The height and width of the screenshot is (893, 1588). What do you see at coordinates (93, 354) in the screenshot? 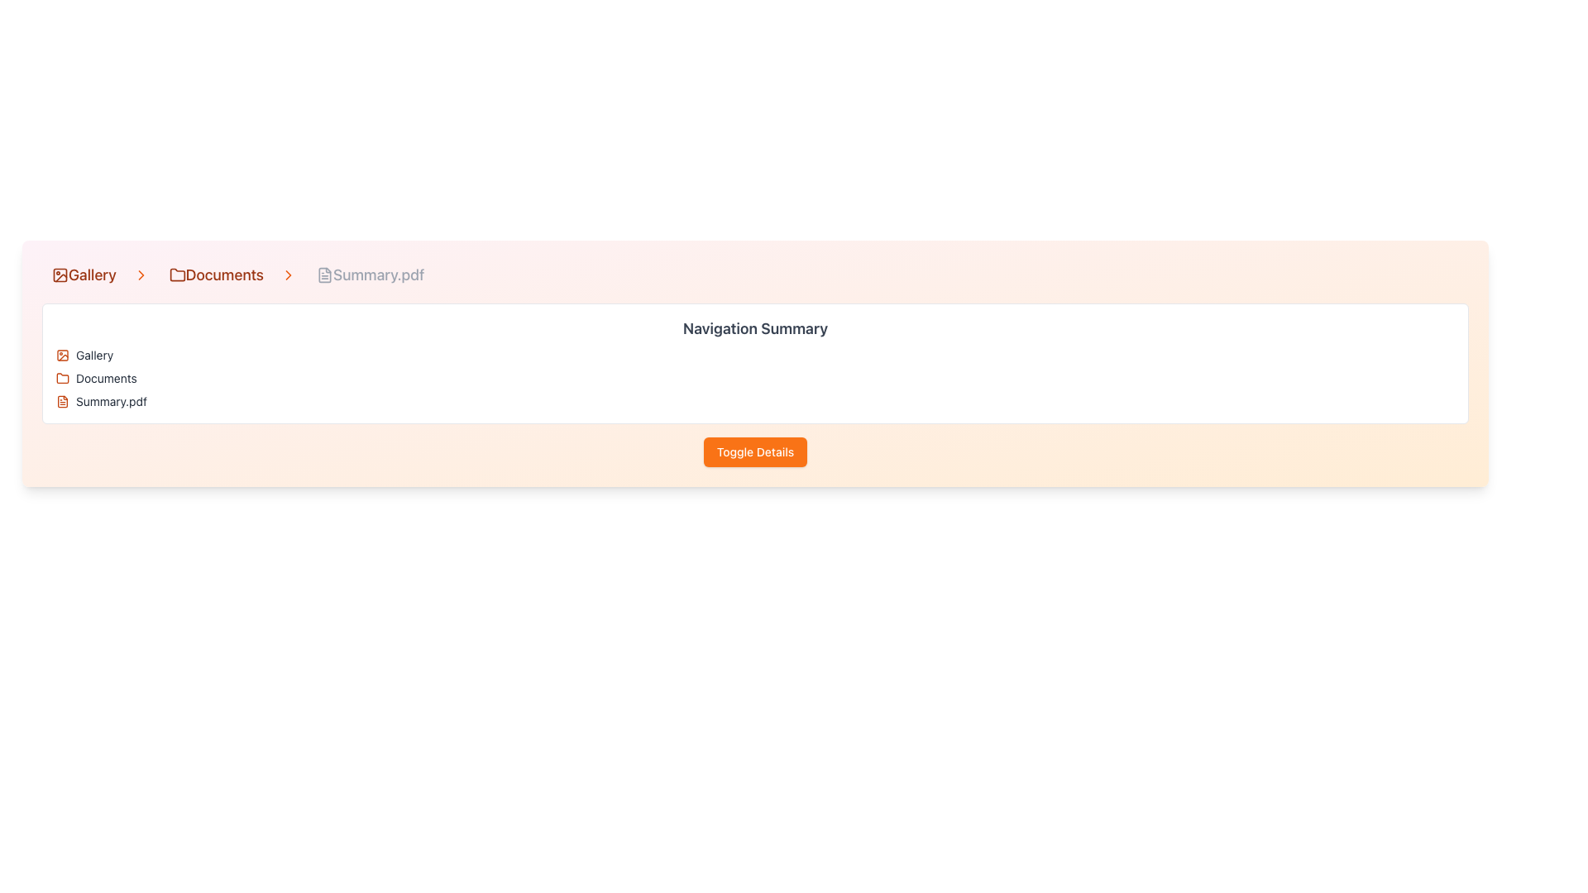
I see `text label indicating the name of the 'Gallery' item, which is positioned at the top-left of the content list` at bounding box center [93, 354].